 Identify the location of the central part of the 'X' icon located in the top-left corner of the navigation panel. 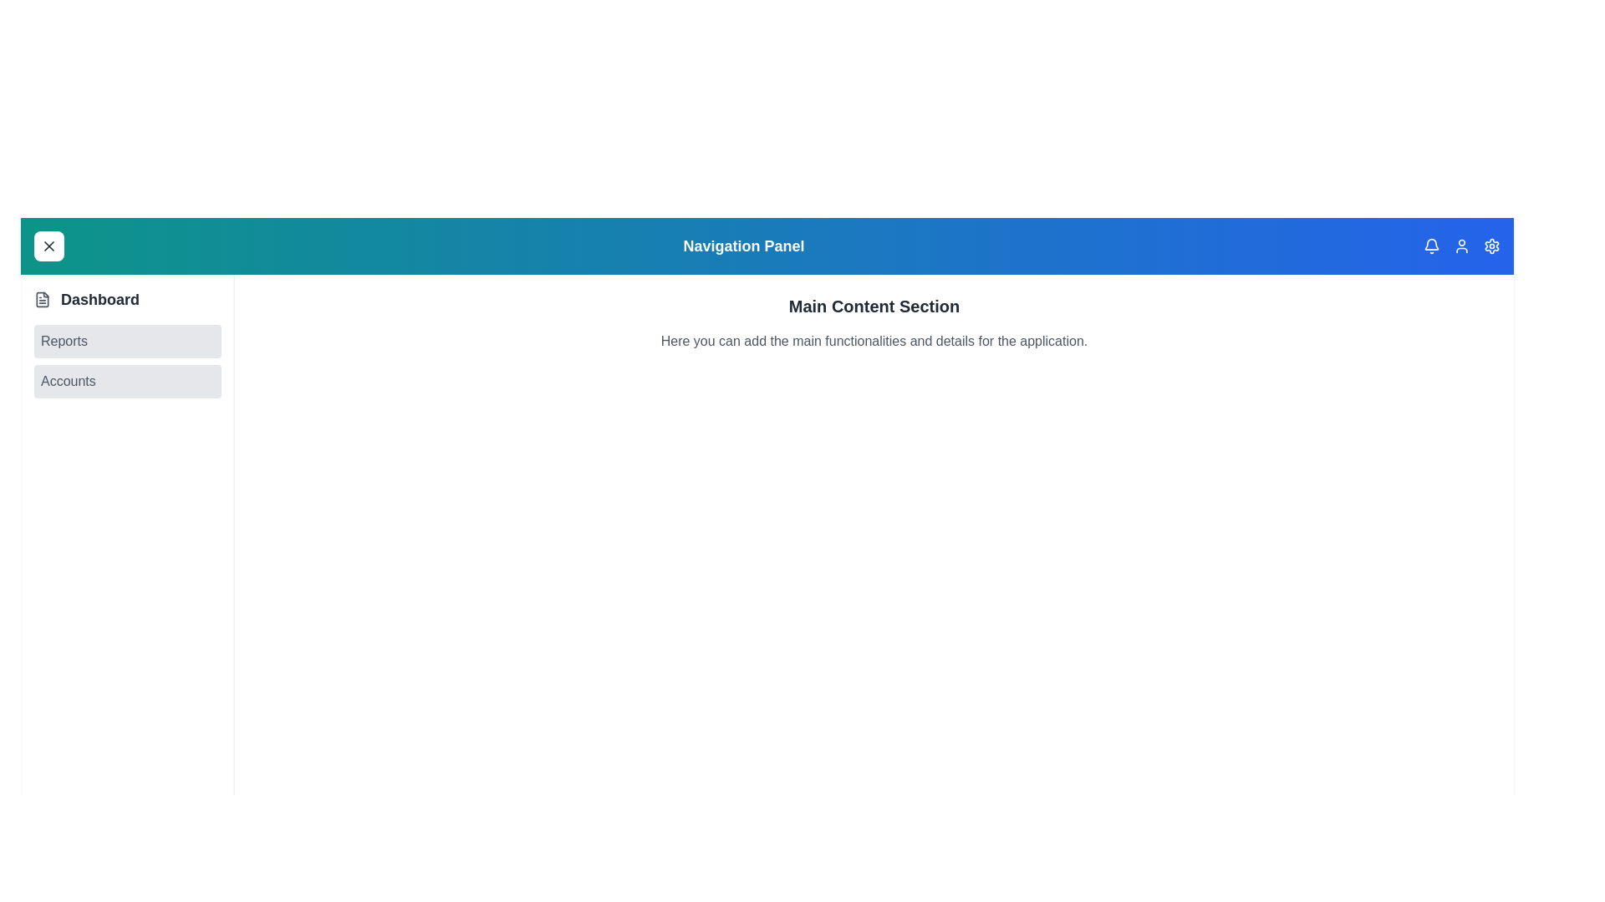
(48, 246).